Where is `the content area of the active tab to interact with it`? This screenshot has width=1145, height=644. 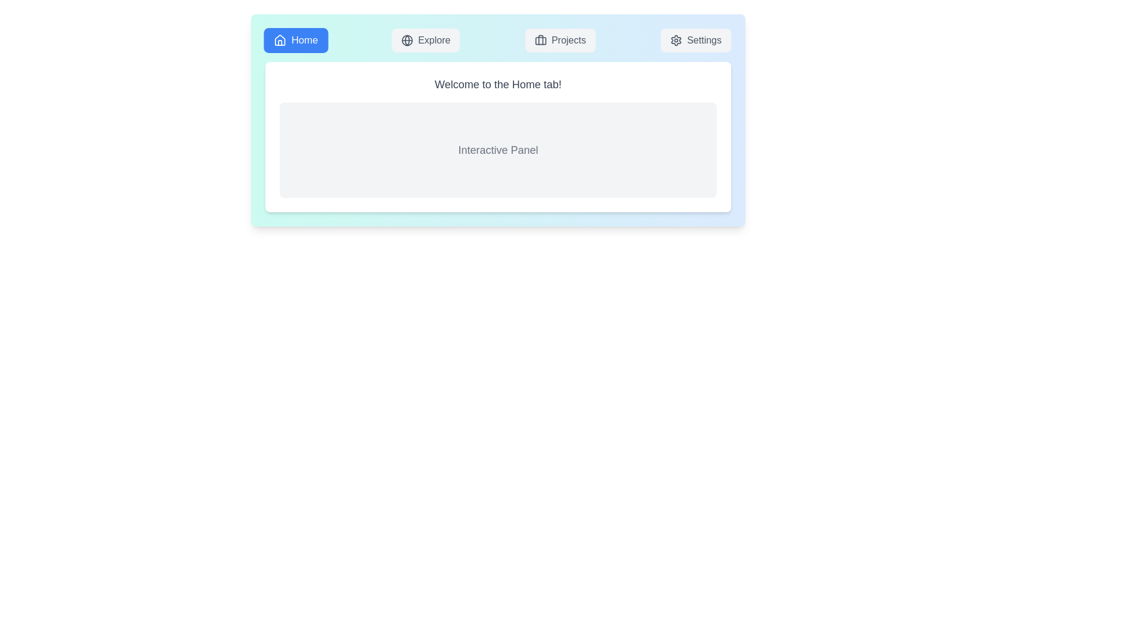
the content area of the active tab to interact with it is located at coordinates (498, 149).